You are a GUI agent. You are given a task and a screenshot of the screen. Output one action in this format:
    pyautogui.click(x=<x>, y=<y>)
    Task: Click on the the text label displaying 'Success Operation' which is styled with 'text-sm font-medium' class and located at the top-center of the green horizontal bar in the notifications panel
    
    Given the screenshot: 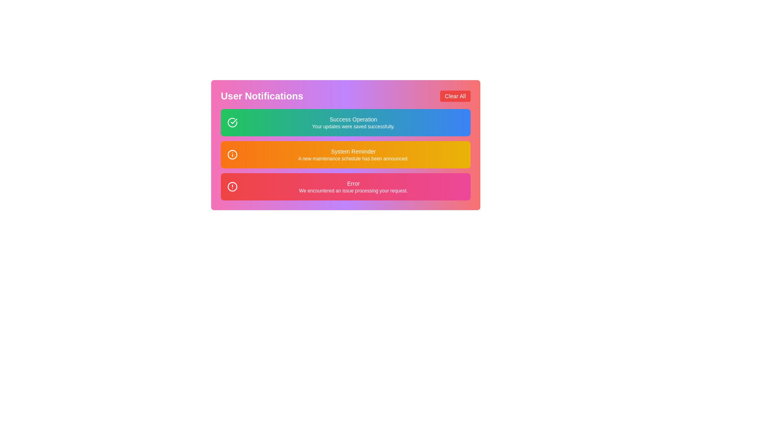 What is the action you would take?
    pyautogui.click(x=353, y=119)
    